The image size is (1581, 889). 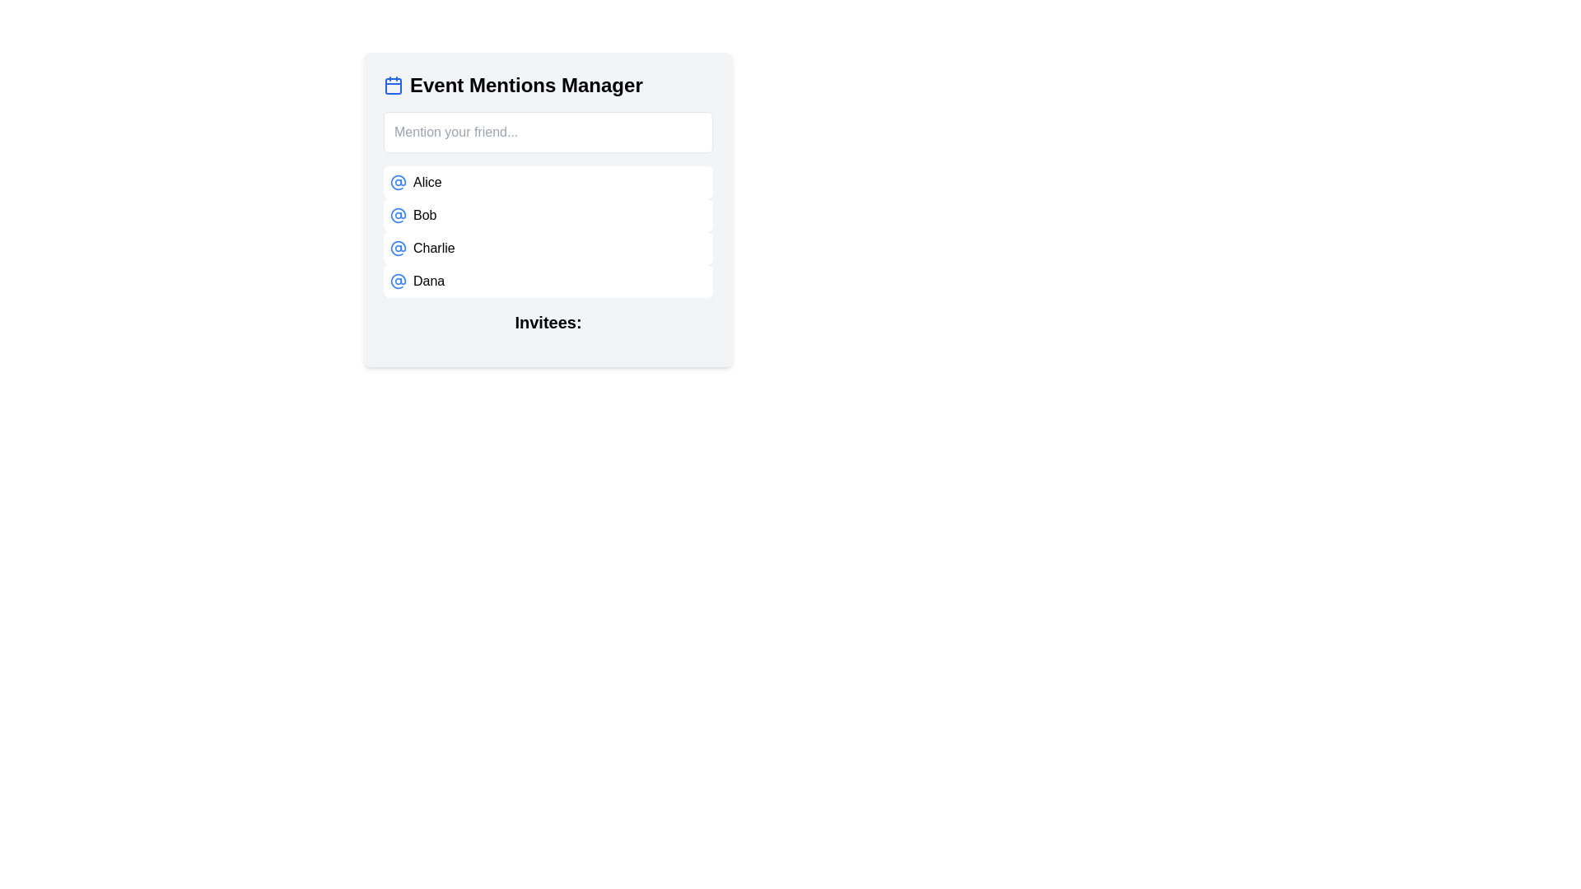 What do you see at coordinates (393, 86) in the screenshot?
I see `the small blue rectangle with rounded corners located within the calendar-shaped icon at the top-left corner of the 'Event Mentions Manager' panel` at bounding box center [393, 86].